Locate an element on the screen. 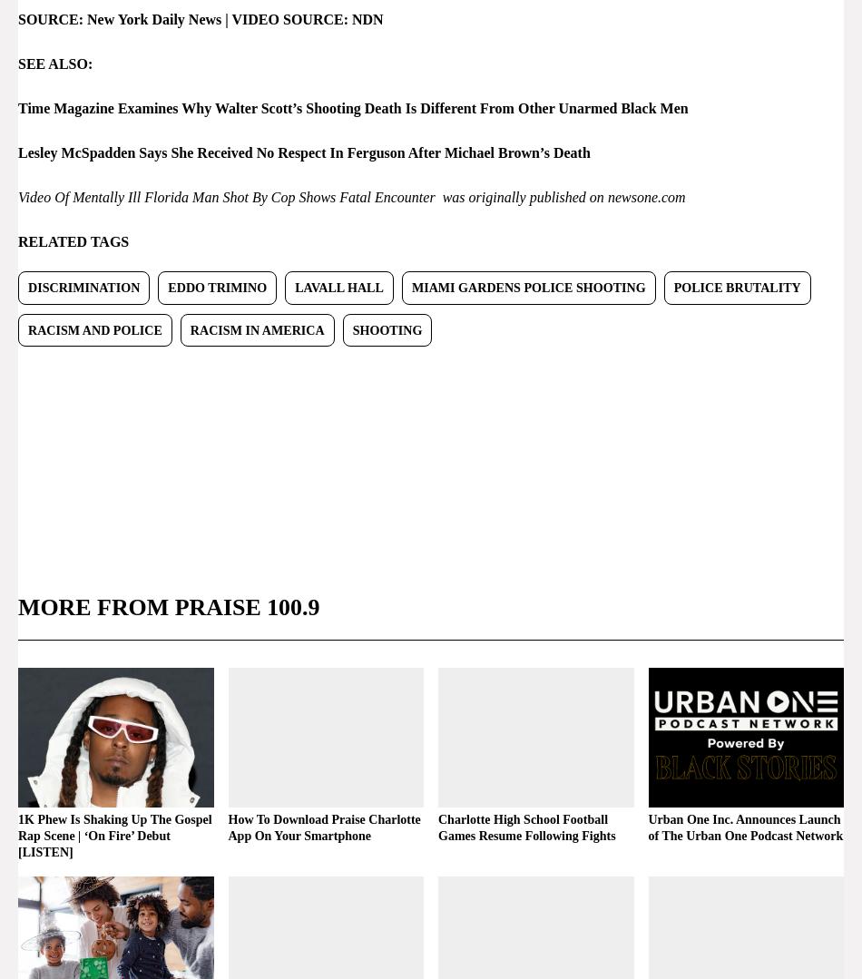 Image resolution: width=862 pixels, height=979 pixels. 'Miami Gardens Police Shooting' is located at coordinates (527, 286).